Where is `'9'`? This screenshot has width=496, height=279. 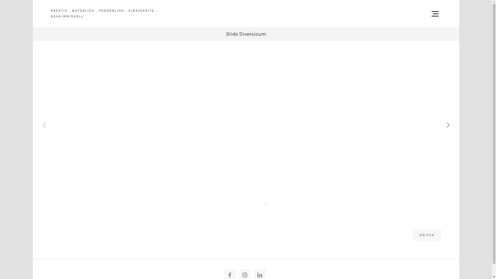 '9' is located at coordinates (261, 204).